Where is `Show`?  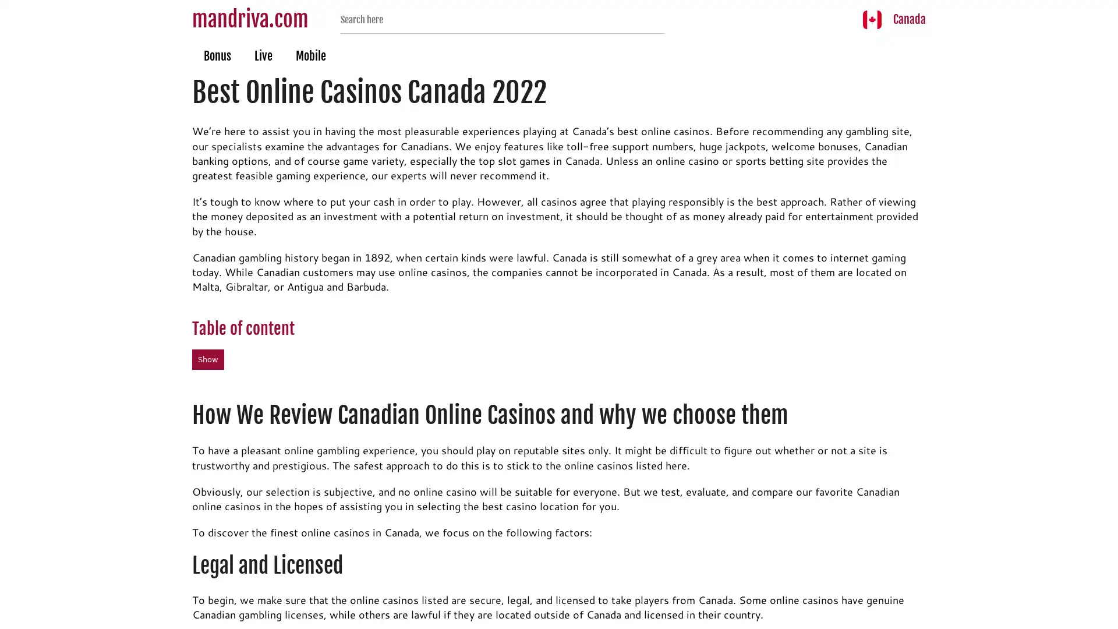 Show is located at coordinates (208, 359).